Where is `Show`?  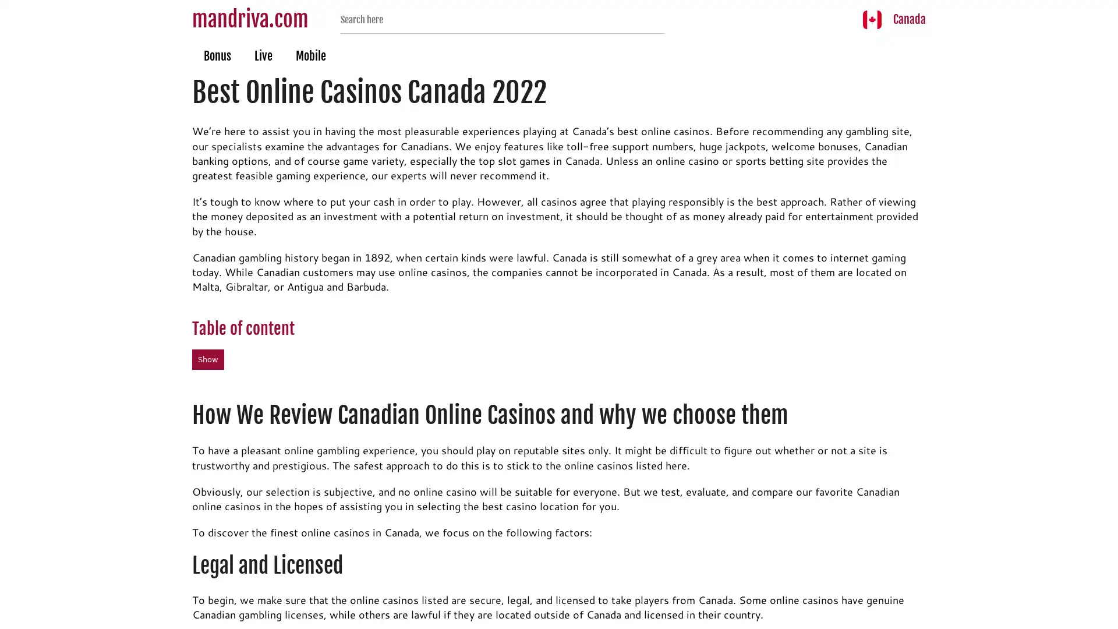 Show is located at coordinates (208, 359).